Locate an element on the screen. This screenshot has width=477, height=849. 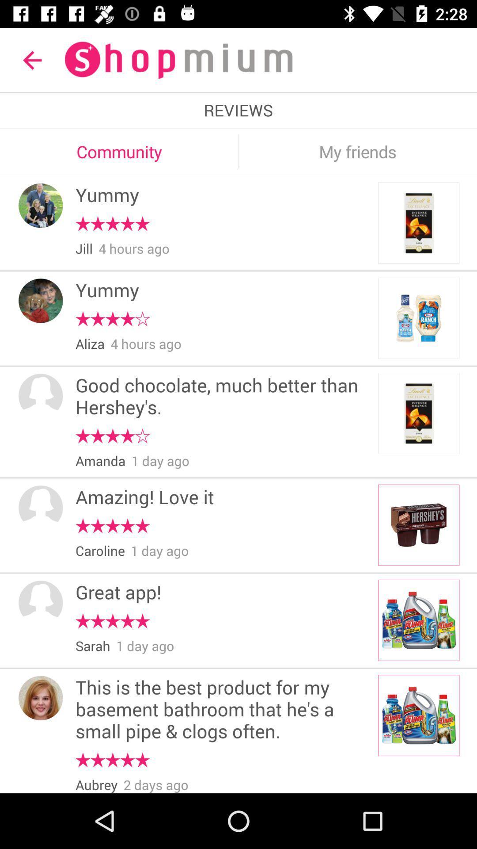
the good chocolate much icon is located at coordinates (223, 397).